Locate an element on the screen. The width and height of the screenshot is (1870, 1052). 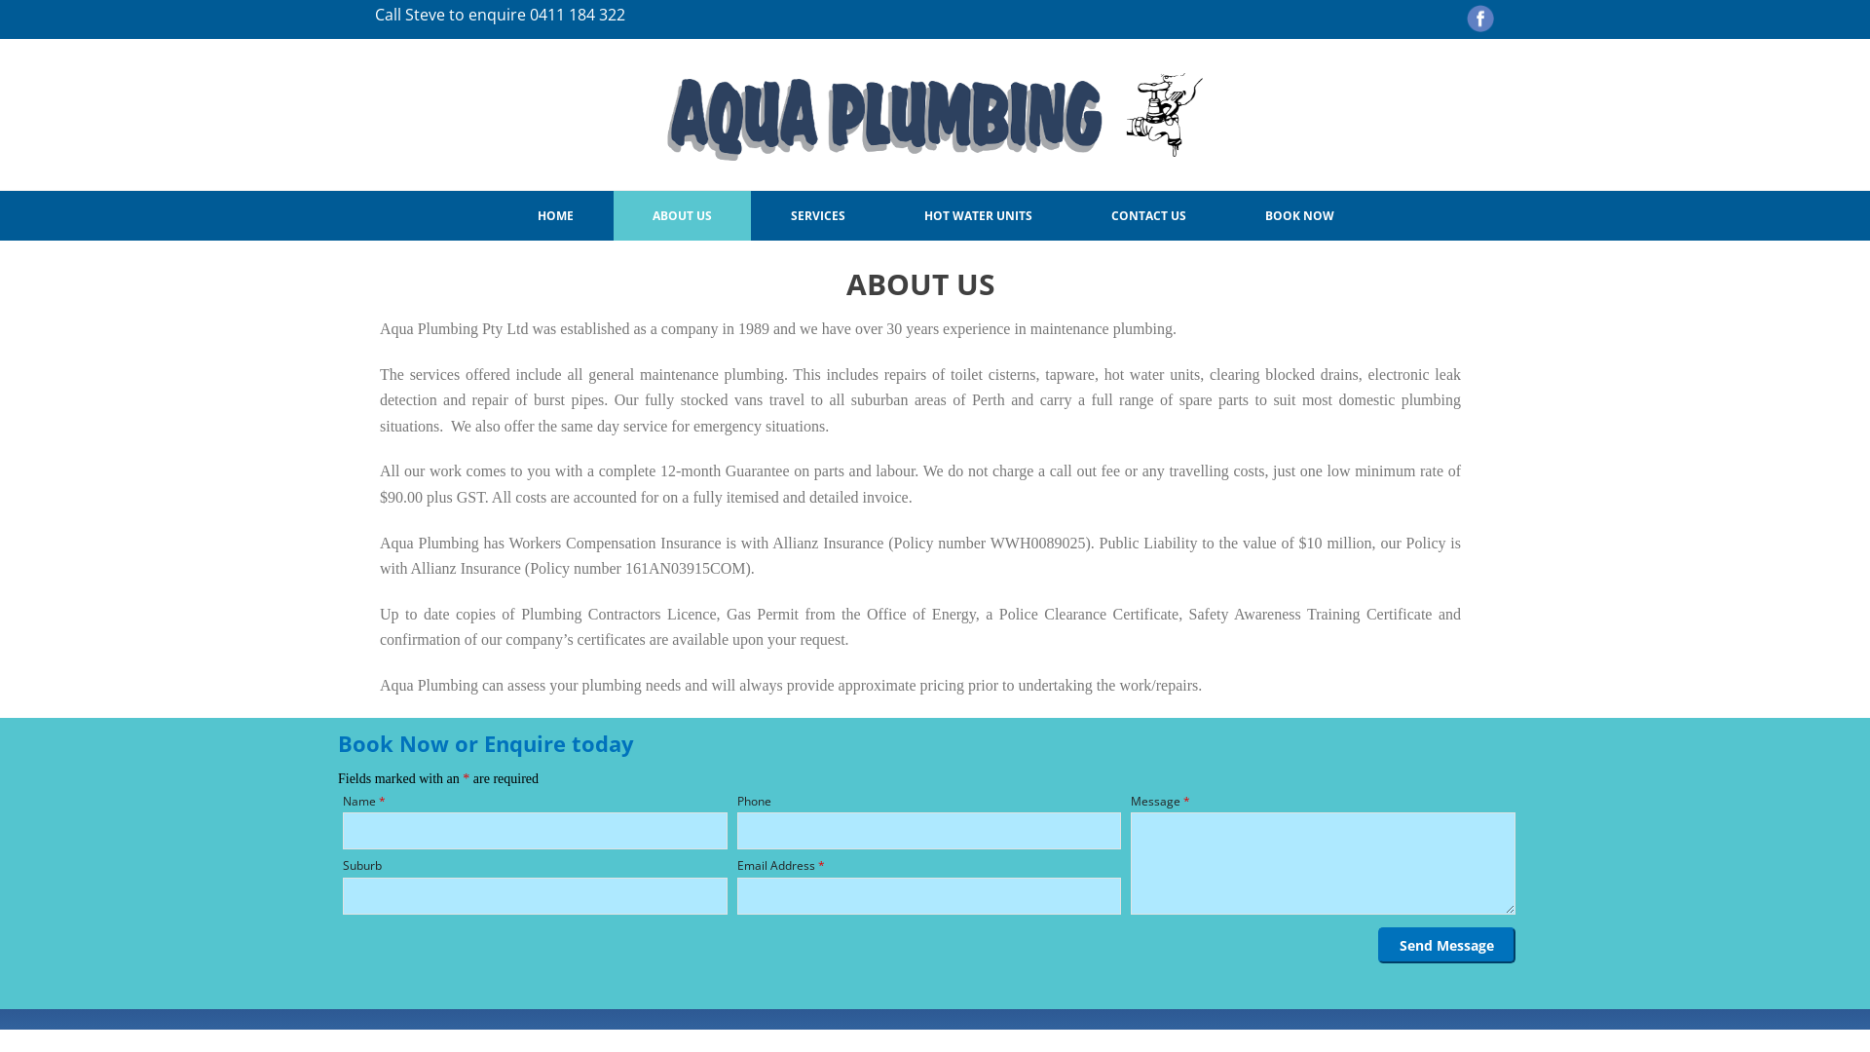
'Aqua Plumbing' is located at coordinates (933, 116).